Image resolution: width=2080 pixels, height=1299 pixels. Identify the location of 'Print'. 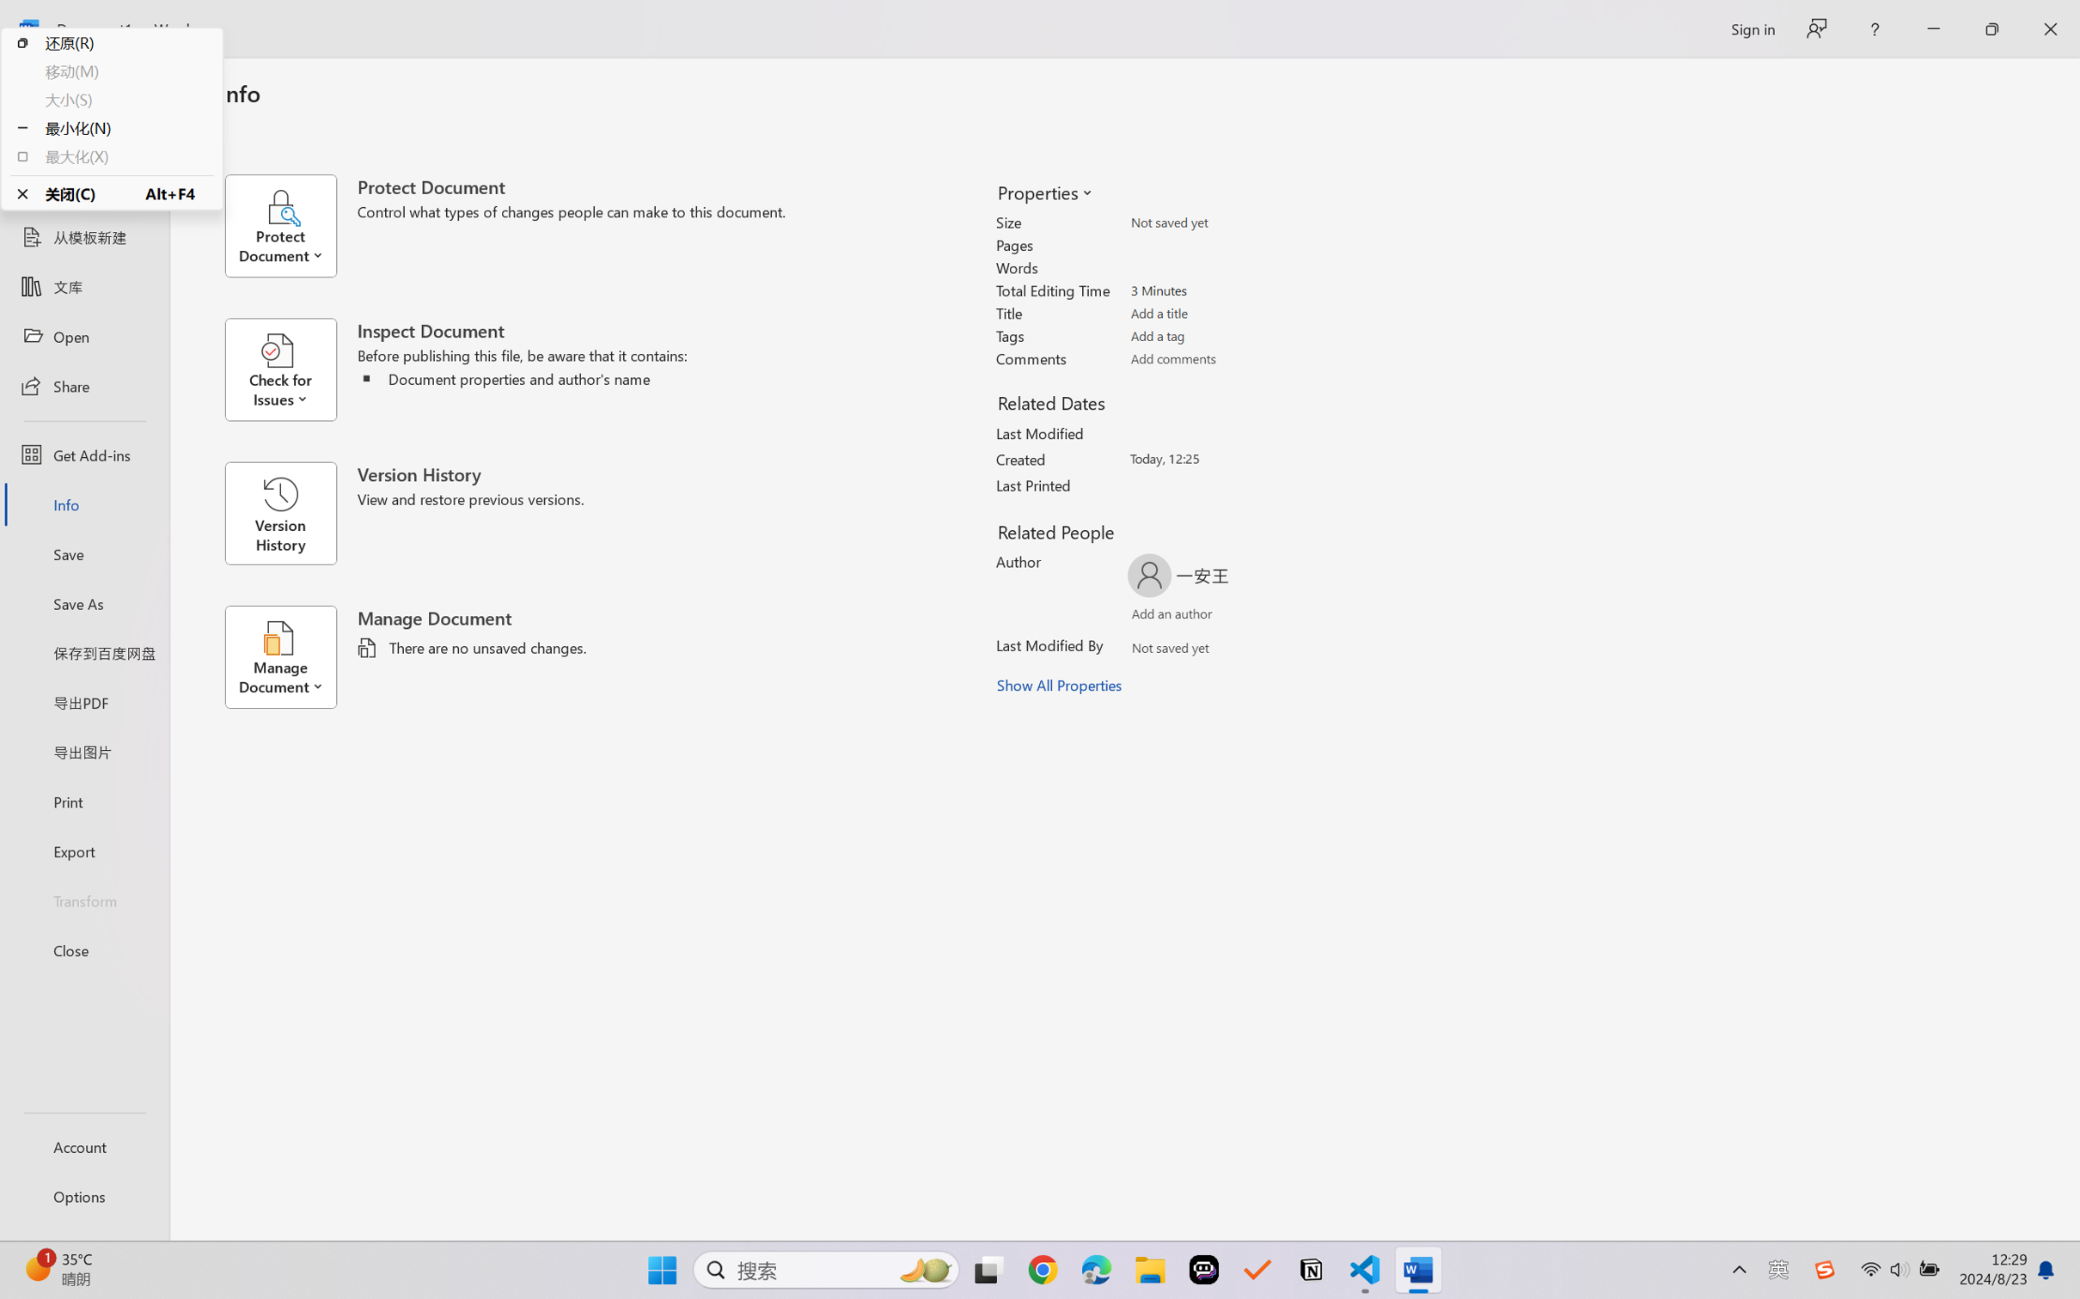
(83, 802).